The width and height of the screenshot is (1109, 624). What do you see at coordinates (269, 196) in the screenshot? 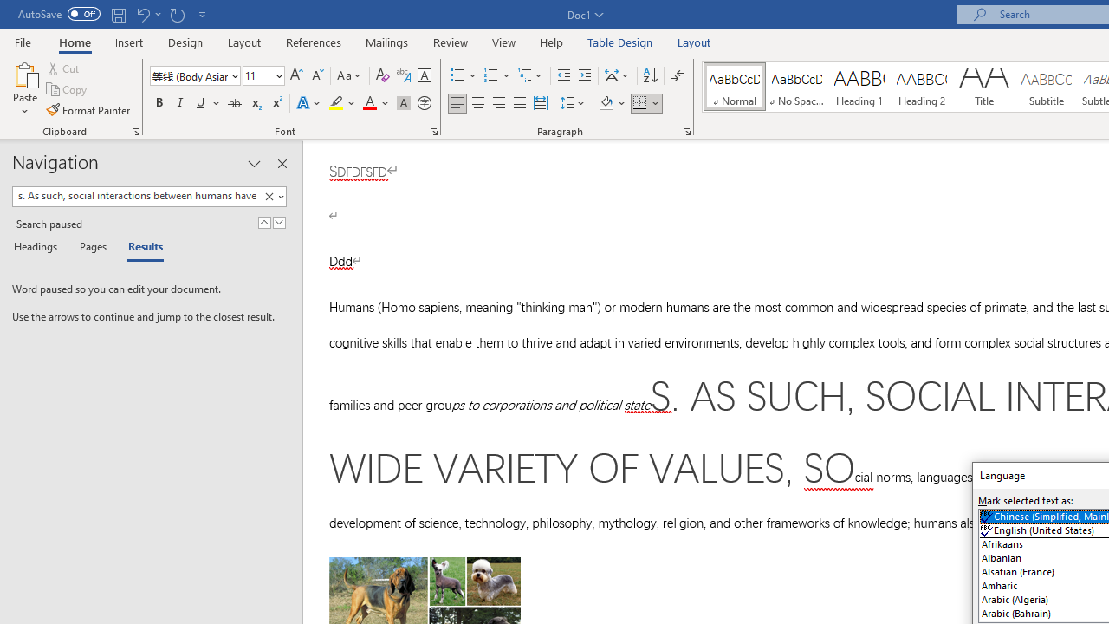
I see `'Clear'` at bounding box center [269, 196].